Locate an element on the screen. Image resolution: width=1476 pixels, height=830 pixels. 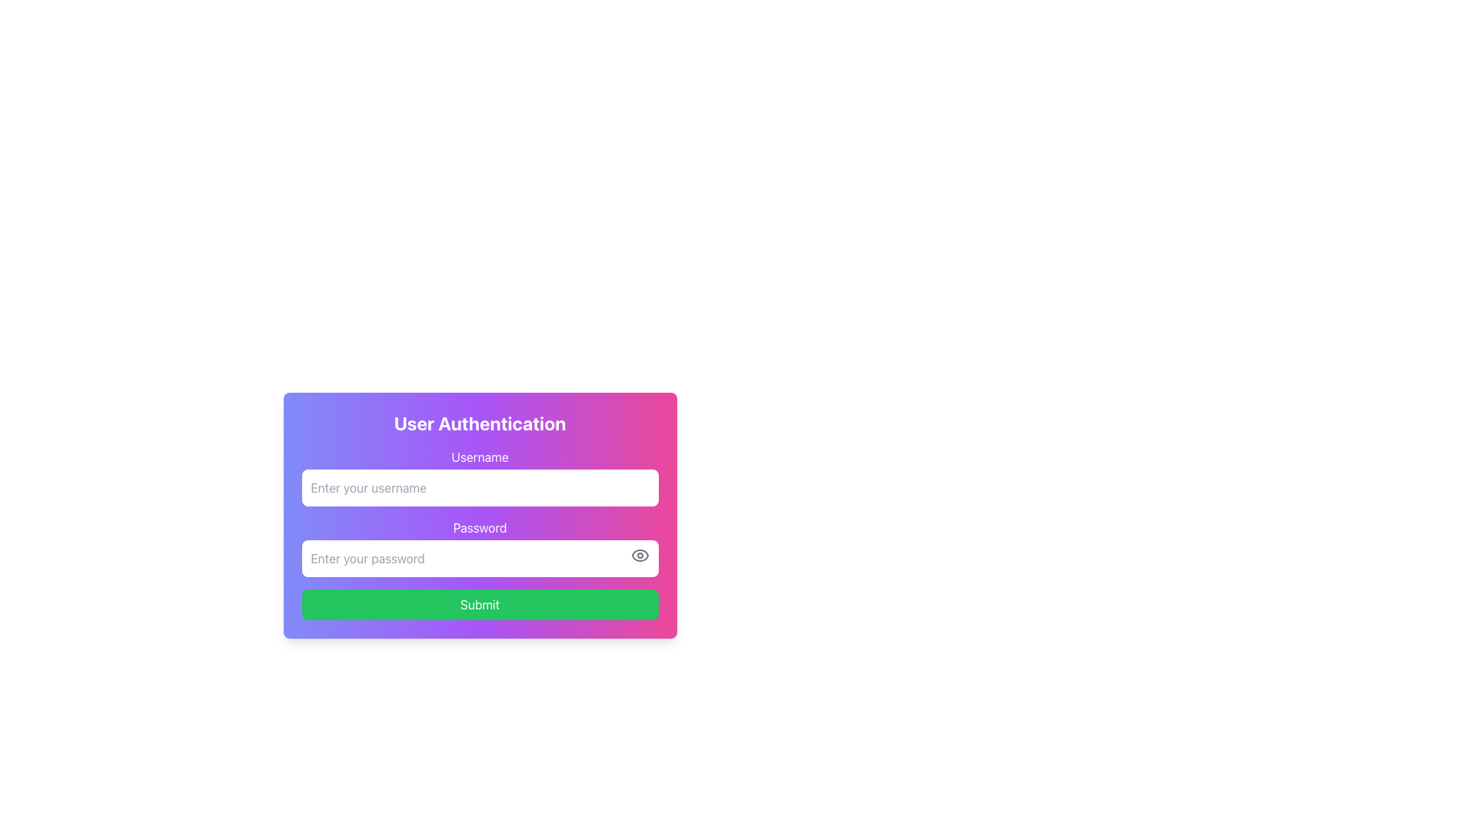
the outer boundary of the eye icon, which is located to the right of the 'Password' input field in the authentication form is located at coordinates (640, 555).